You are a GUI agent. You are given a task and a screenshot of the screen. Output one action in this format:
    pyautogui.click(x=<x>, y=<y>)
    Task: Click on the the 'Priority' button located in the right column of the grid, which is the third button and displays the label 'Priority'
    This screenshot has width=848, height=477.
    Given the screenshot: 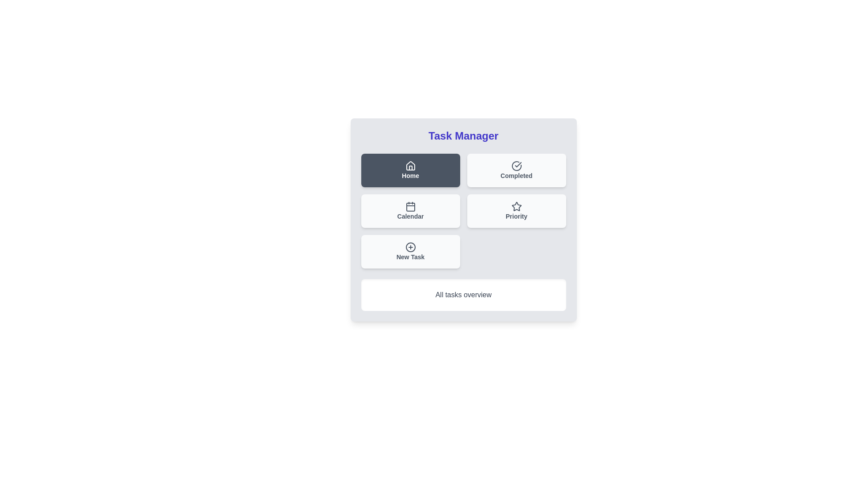 What is the action you would take?
    pyautogui.click(x=516, y=216)
    